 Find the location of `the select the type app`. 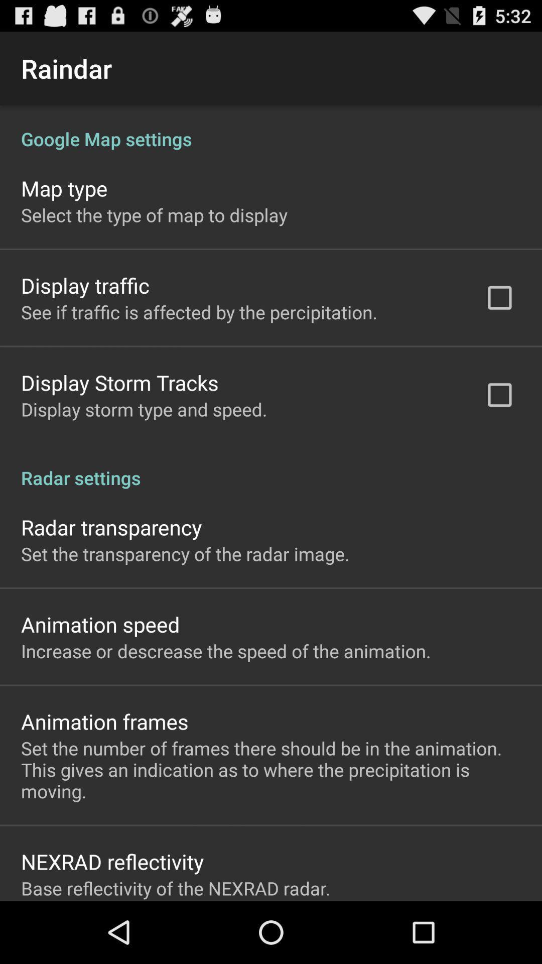

the select the type app is located at coordinates (154, 214).